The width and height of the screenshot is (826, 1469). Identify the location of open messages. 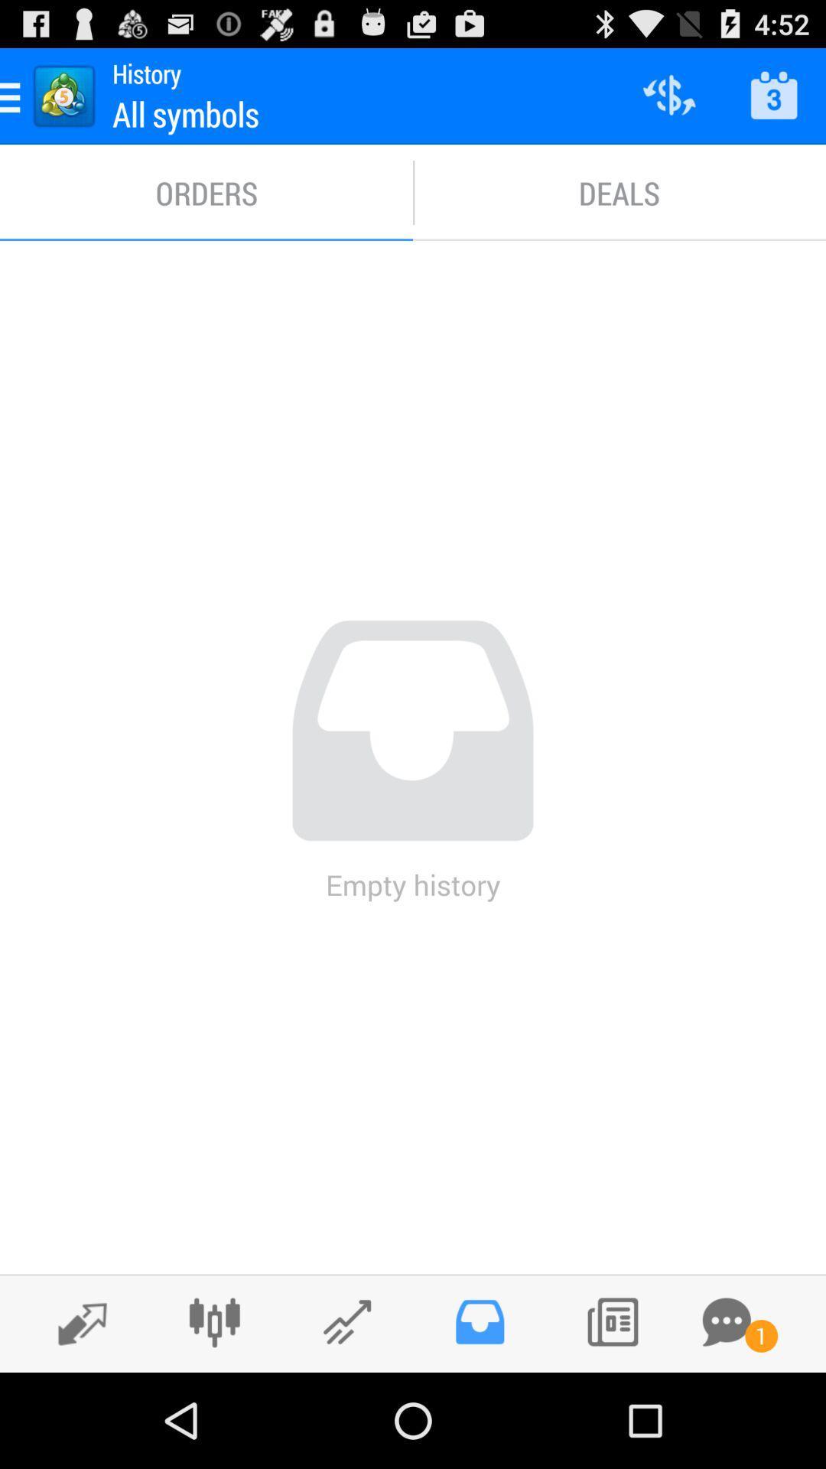
(726, 1321).